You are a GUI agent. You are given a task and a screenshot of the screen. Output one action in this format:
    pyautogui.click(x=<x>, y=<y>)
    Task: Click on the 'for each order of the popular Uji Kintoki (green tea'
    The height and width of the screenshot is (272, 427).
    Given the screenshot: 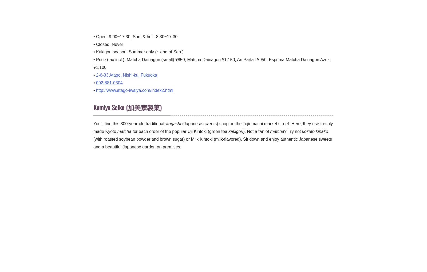 What is the action you would take?
    pyautogui.click(x=131, y=131)
    